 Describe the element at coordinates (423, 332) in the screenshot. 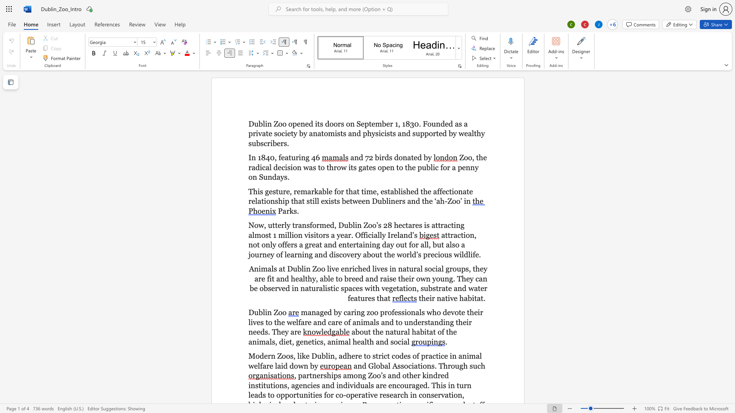

I see `the space between the continuous character "b" and "i" in the text` at that location.